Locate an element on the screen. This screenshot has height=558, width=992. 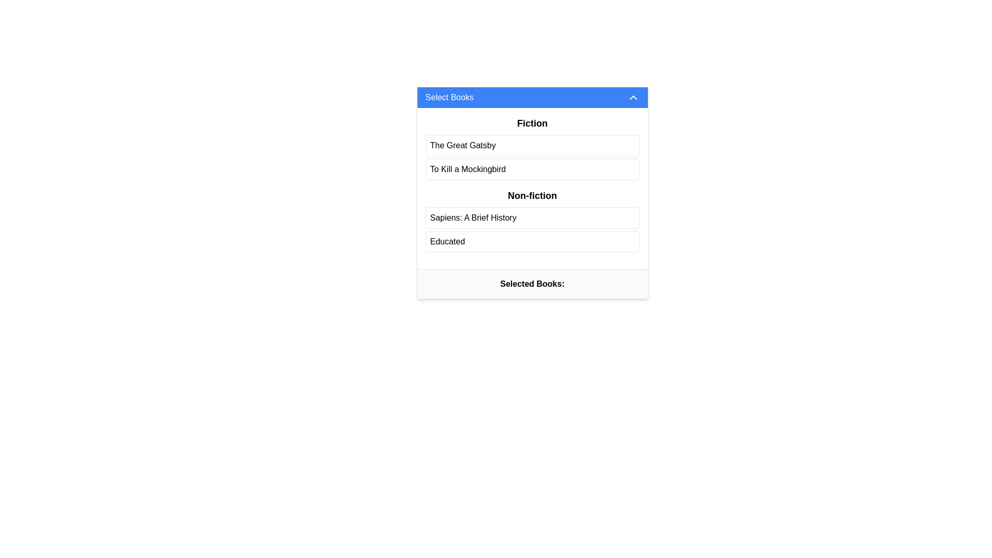
a book title entry is located at coordinates (532, 157).